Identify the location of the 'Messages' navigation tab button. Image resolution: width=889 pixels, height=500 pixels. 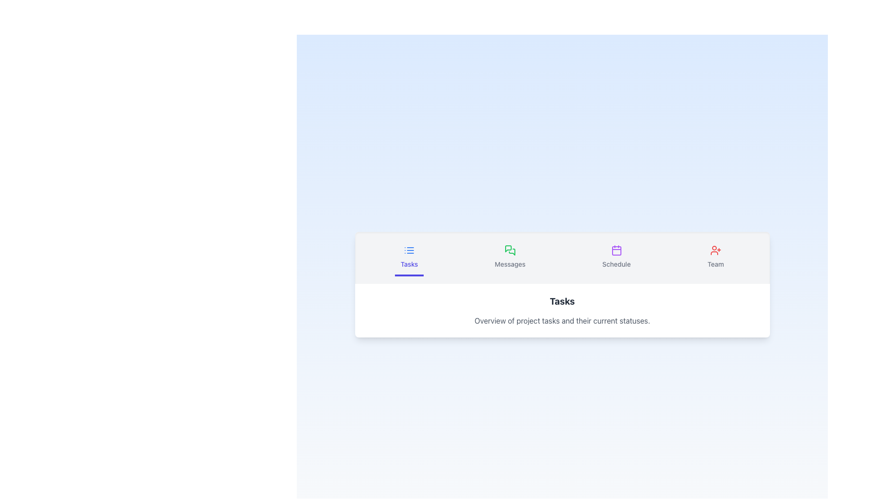
(509, 257).